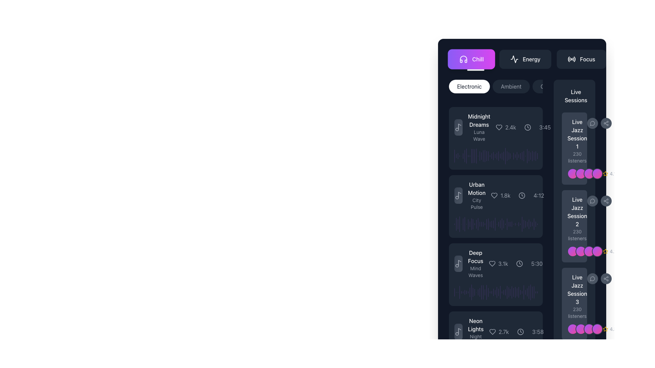 This screenshot has width=655, height=368. I want to click on the decorative visuals or avatar indicators located below the 'Live Jazz Session 1' label and above the '230 listeners' text on the right-side panel of the interface, so click(585, 173).